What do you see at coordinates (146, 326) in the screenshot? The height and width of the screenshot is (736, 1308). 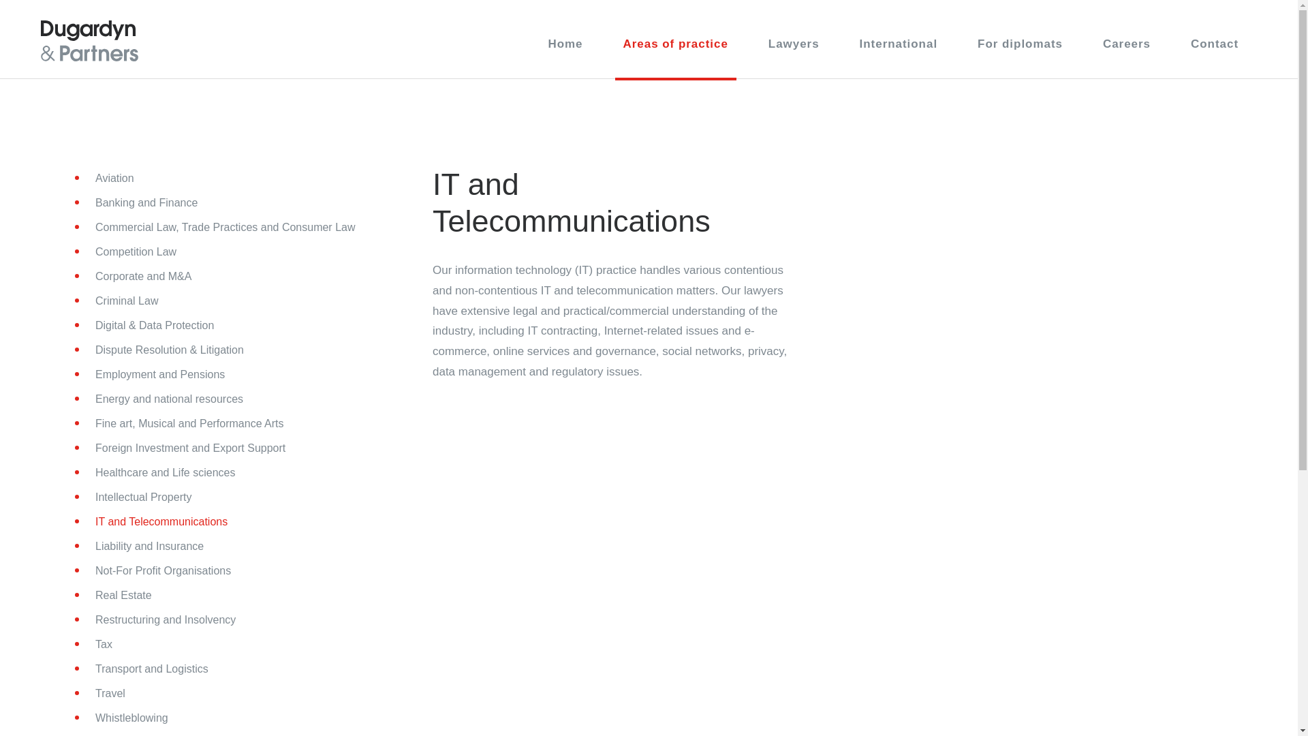 I see `'Digital & Data Protection'` at bounding box center [146, 326].